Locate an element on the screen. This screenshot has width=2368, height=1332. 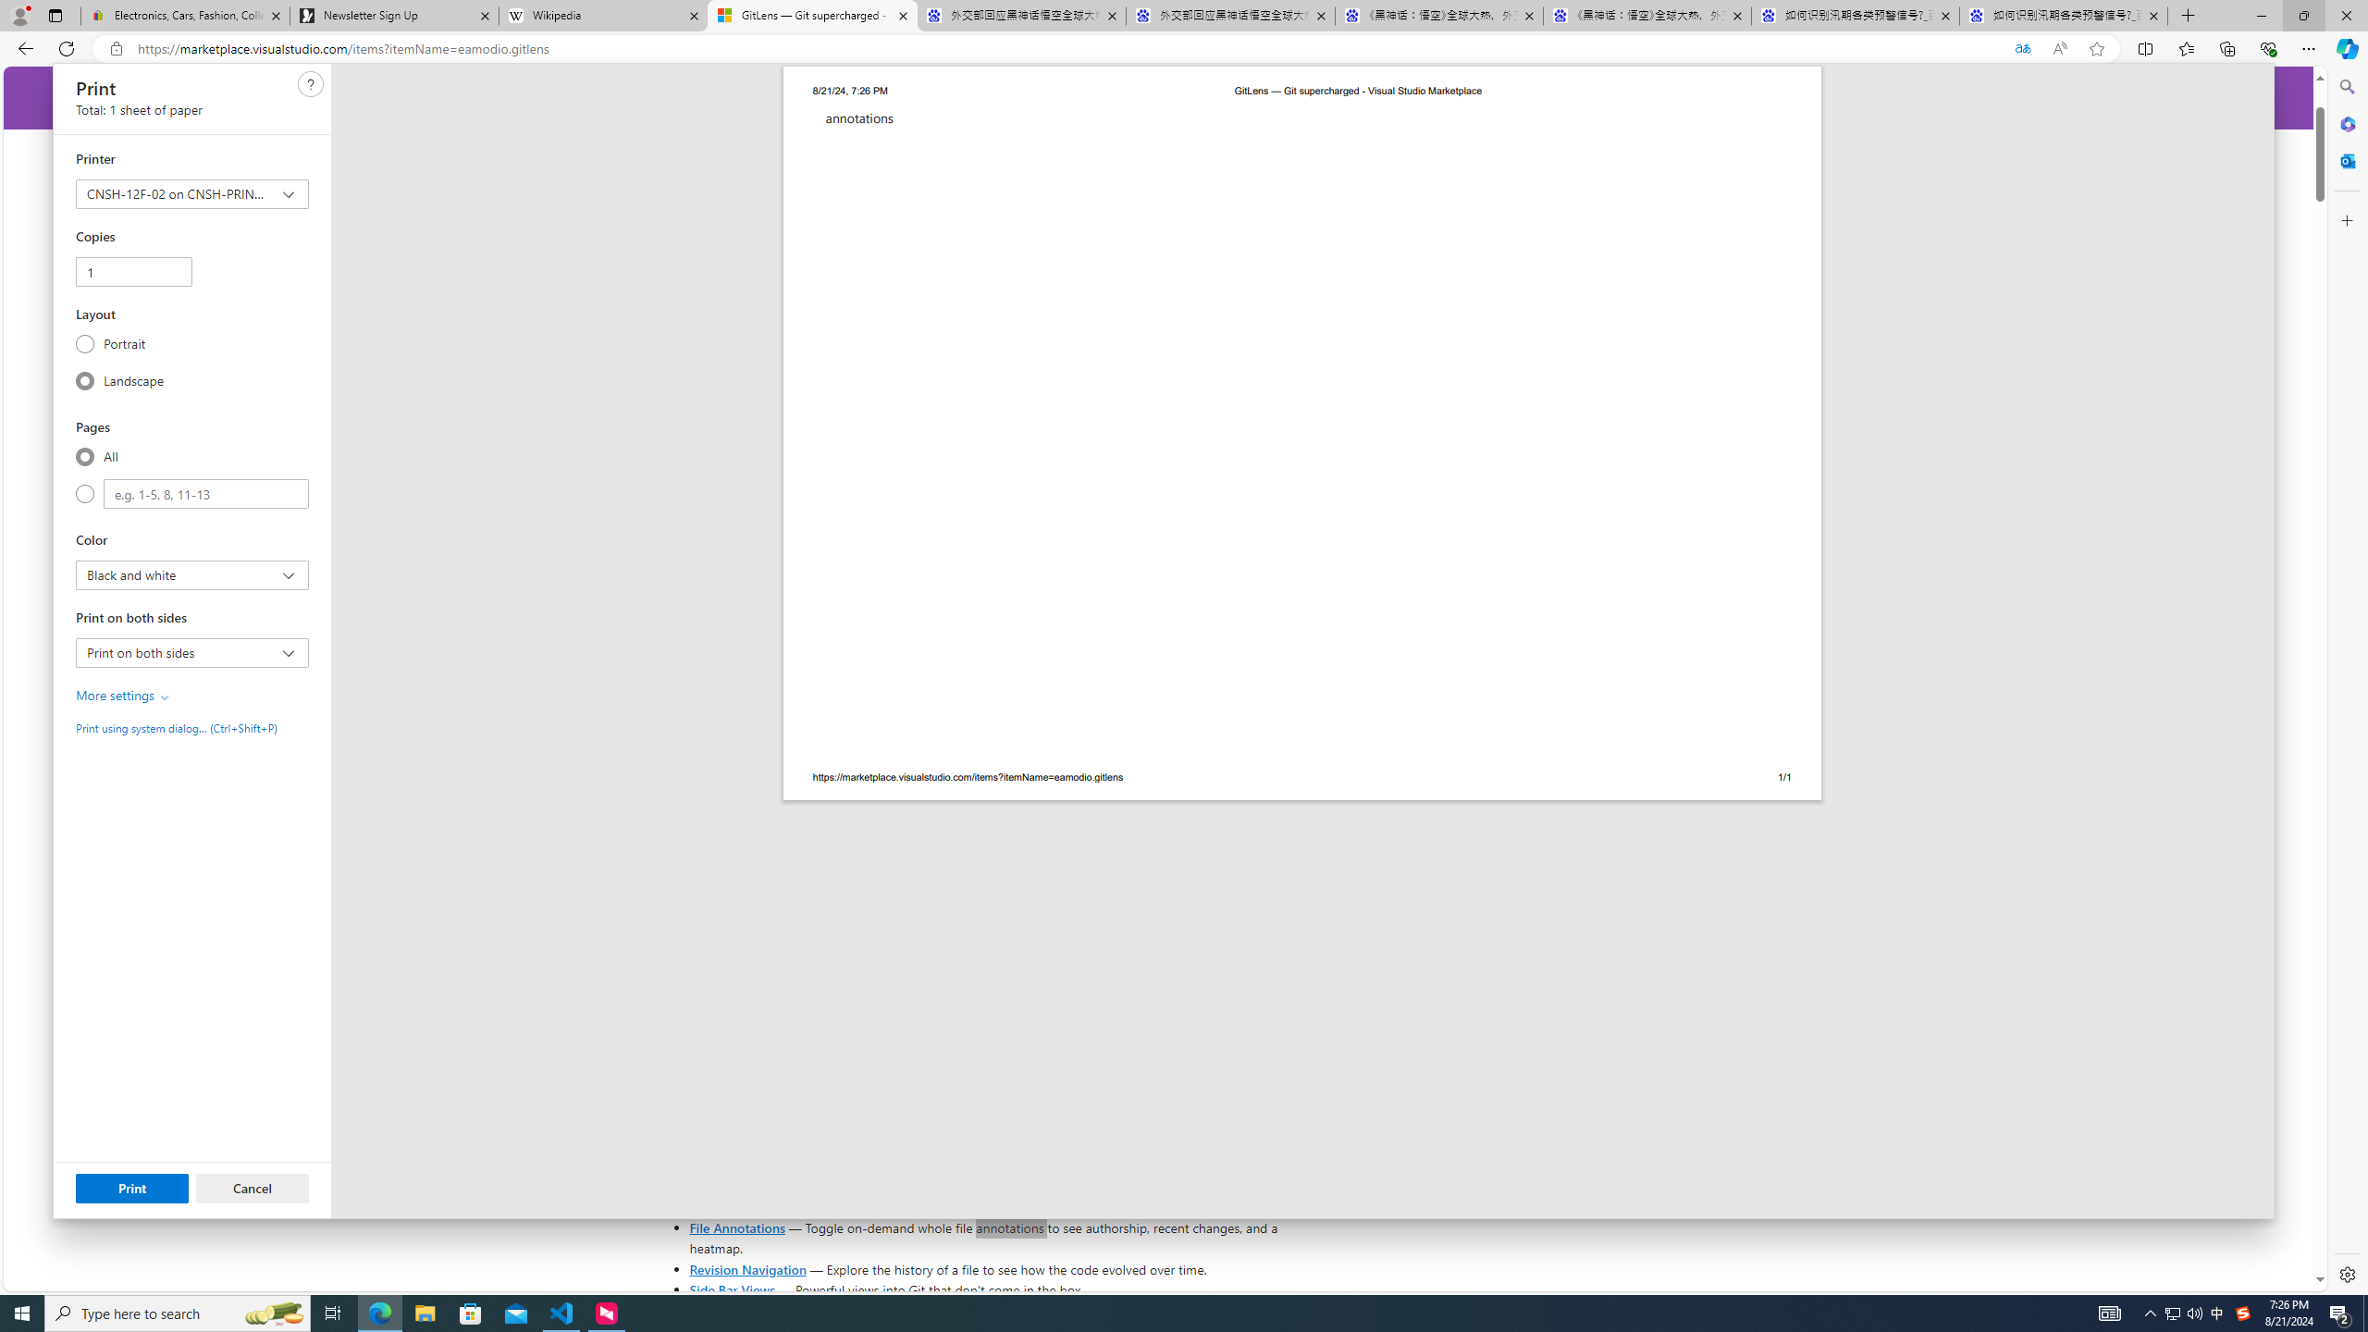
'Class: c0129' is located at coordinates (309, 84).